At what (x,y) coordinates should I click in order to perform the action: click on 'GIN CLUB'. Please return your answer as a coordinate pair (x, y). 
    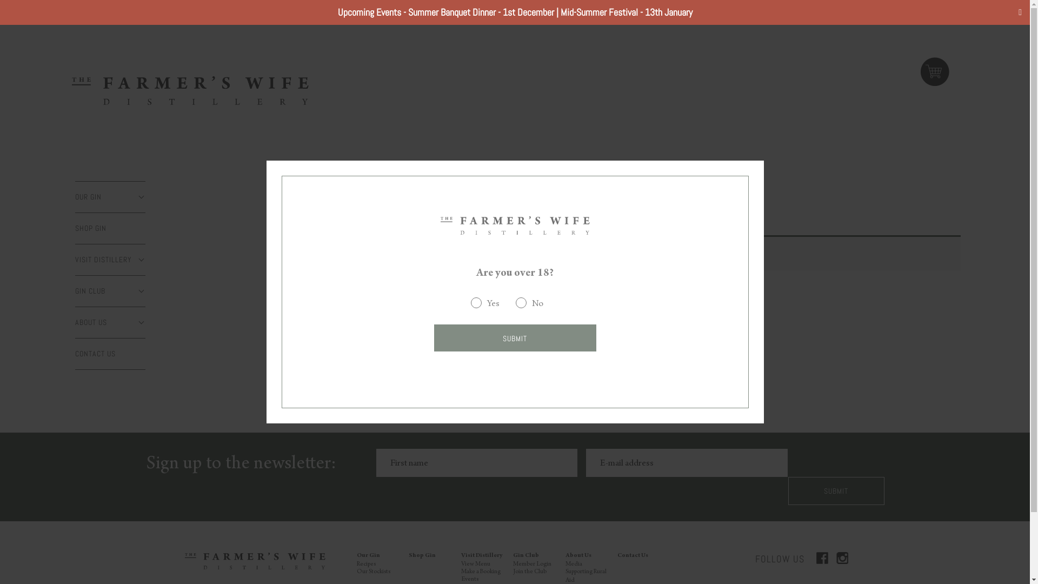
    Looking at the image, I should click on (110, 290).